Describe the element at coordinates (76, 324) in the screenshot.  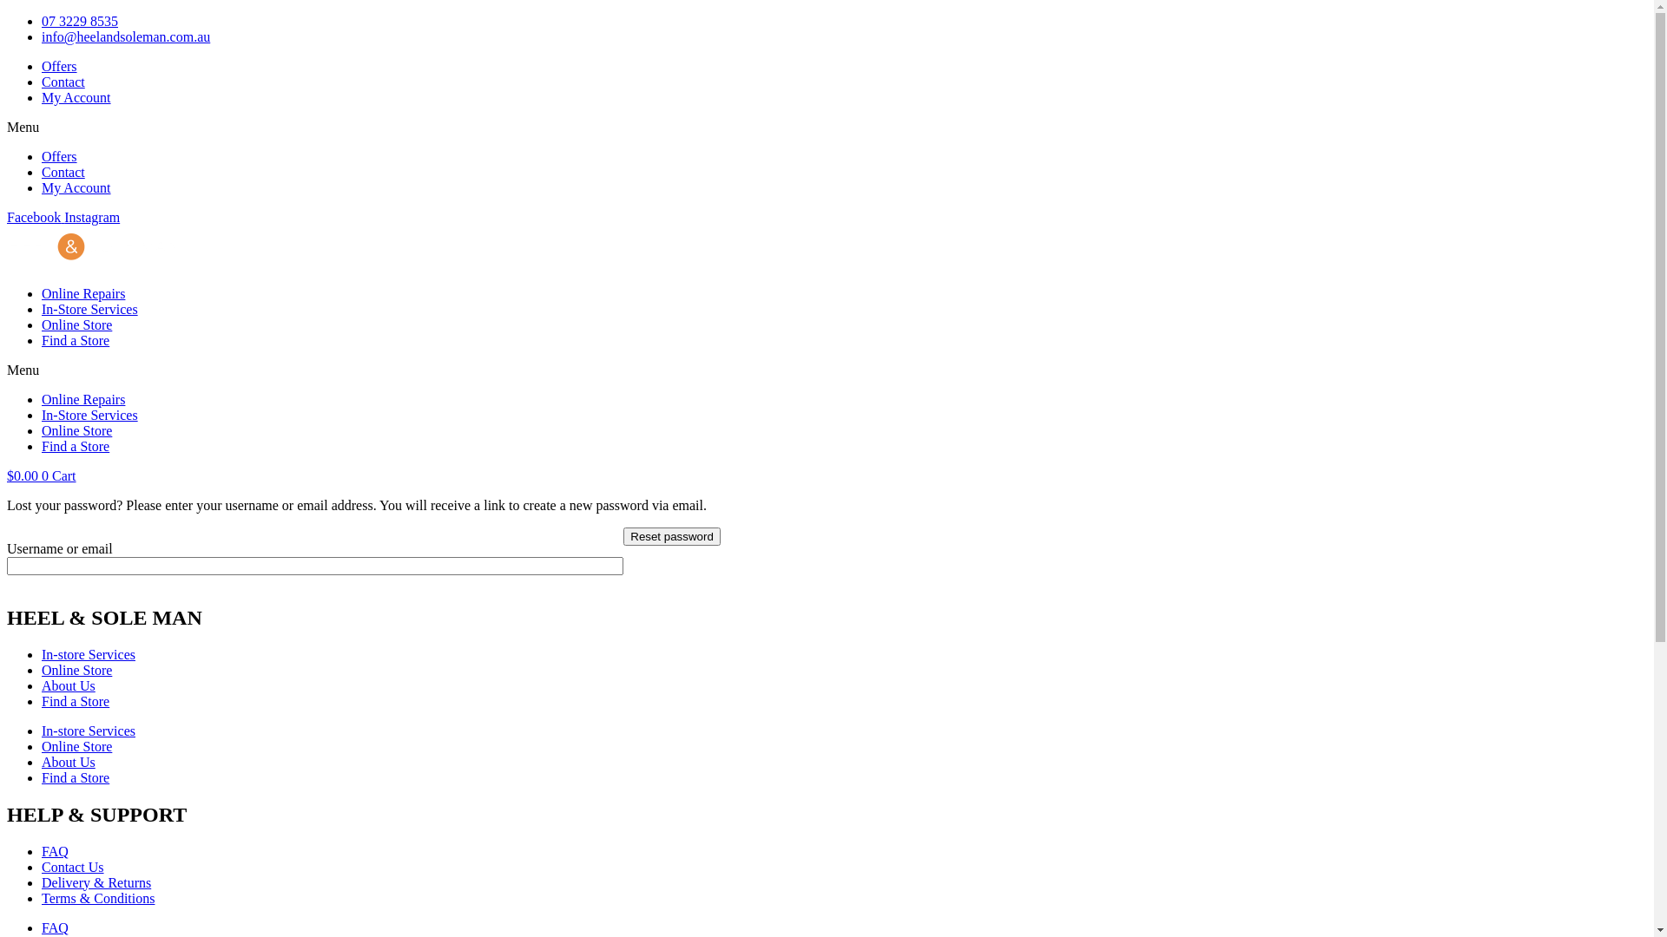
I see `'Online Store'` at that location.